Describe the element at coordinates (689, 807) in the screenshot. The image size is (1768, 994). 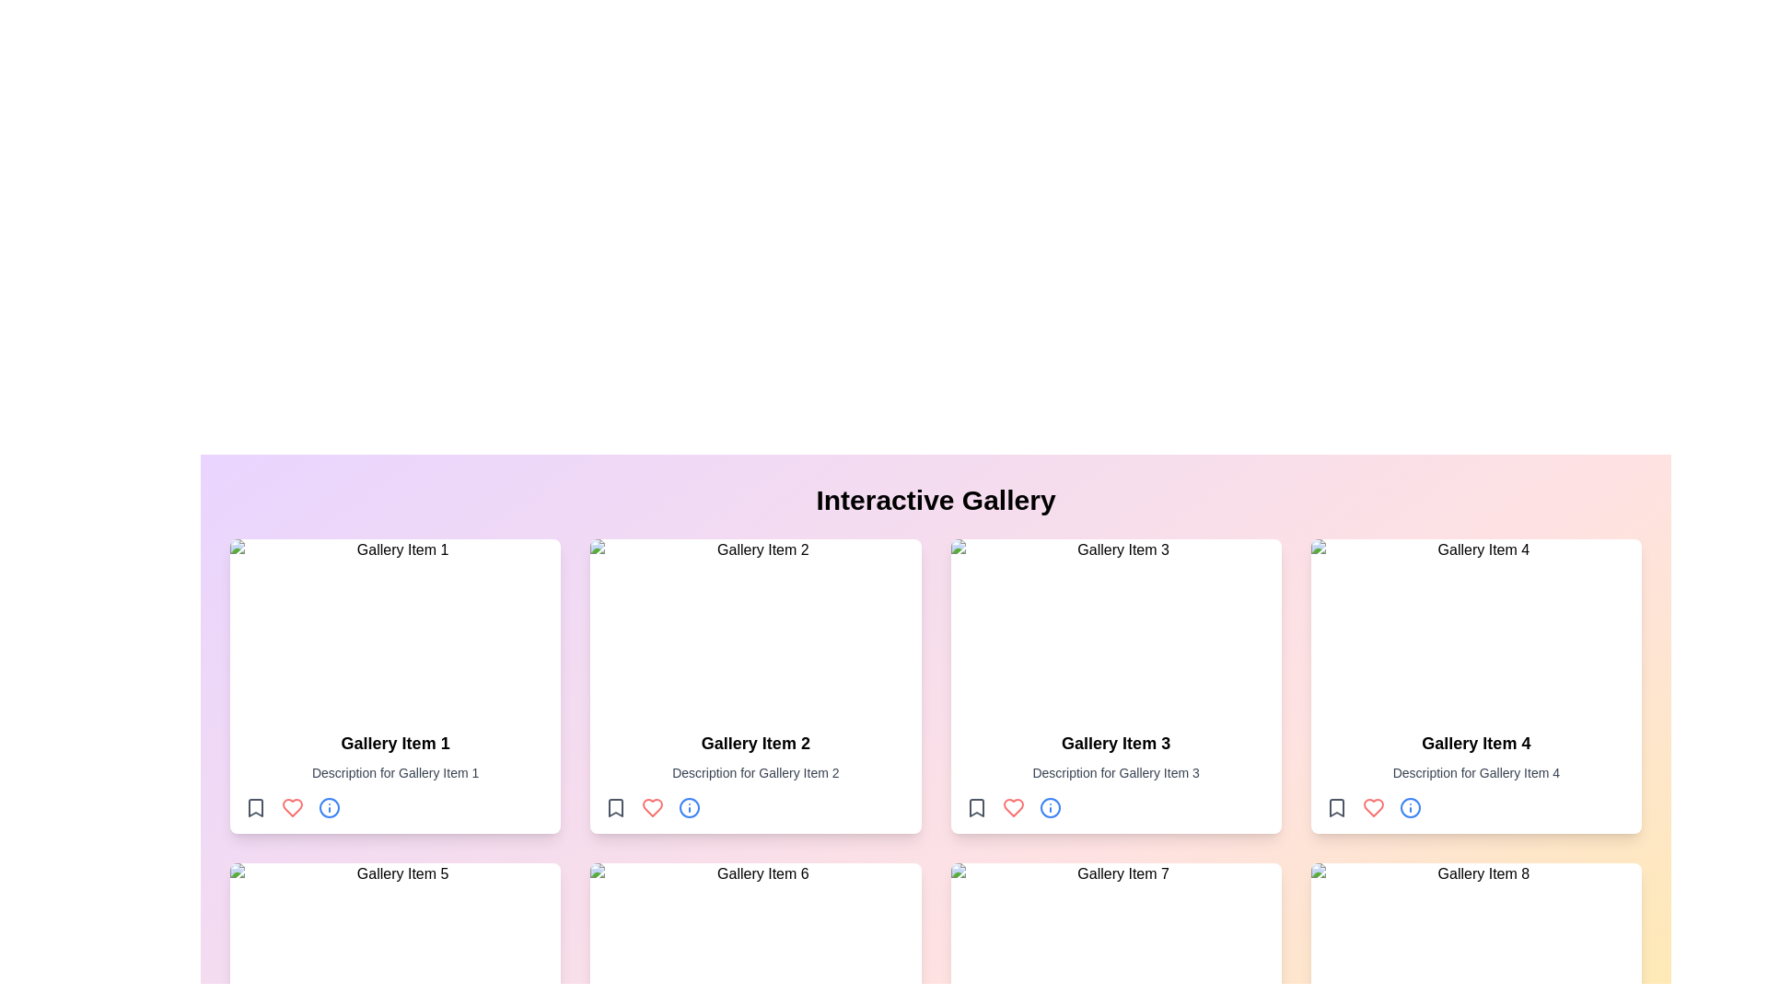
I see `the center of the circular information icon located below 'Gallery Item 2' in the second card of the top row` at that location.